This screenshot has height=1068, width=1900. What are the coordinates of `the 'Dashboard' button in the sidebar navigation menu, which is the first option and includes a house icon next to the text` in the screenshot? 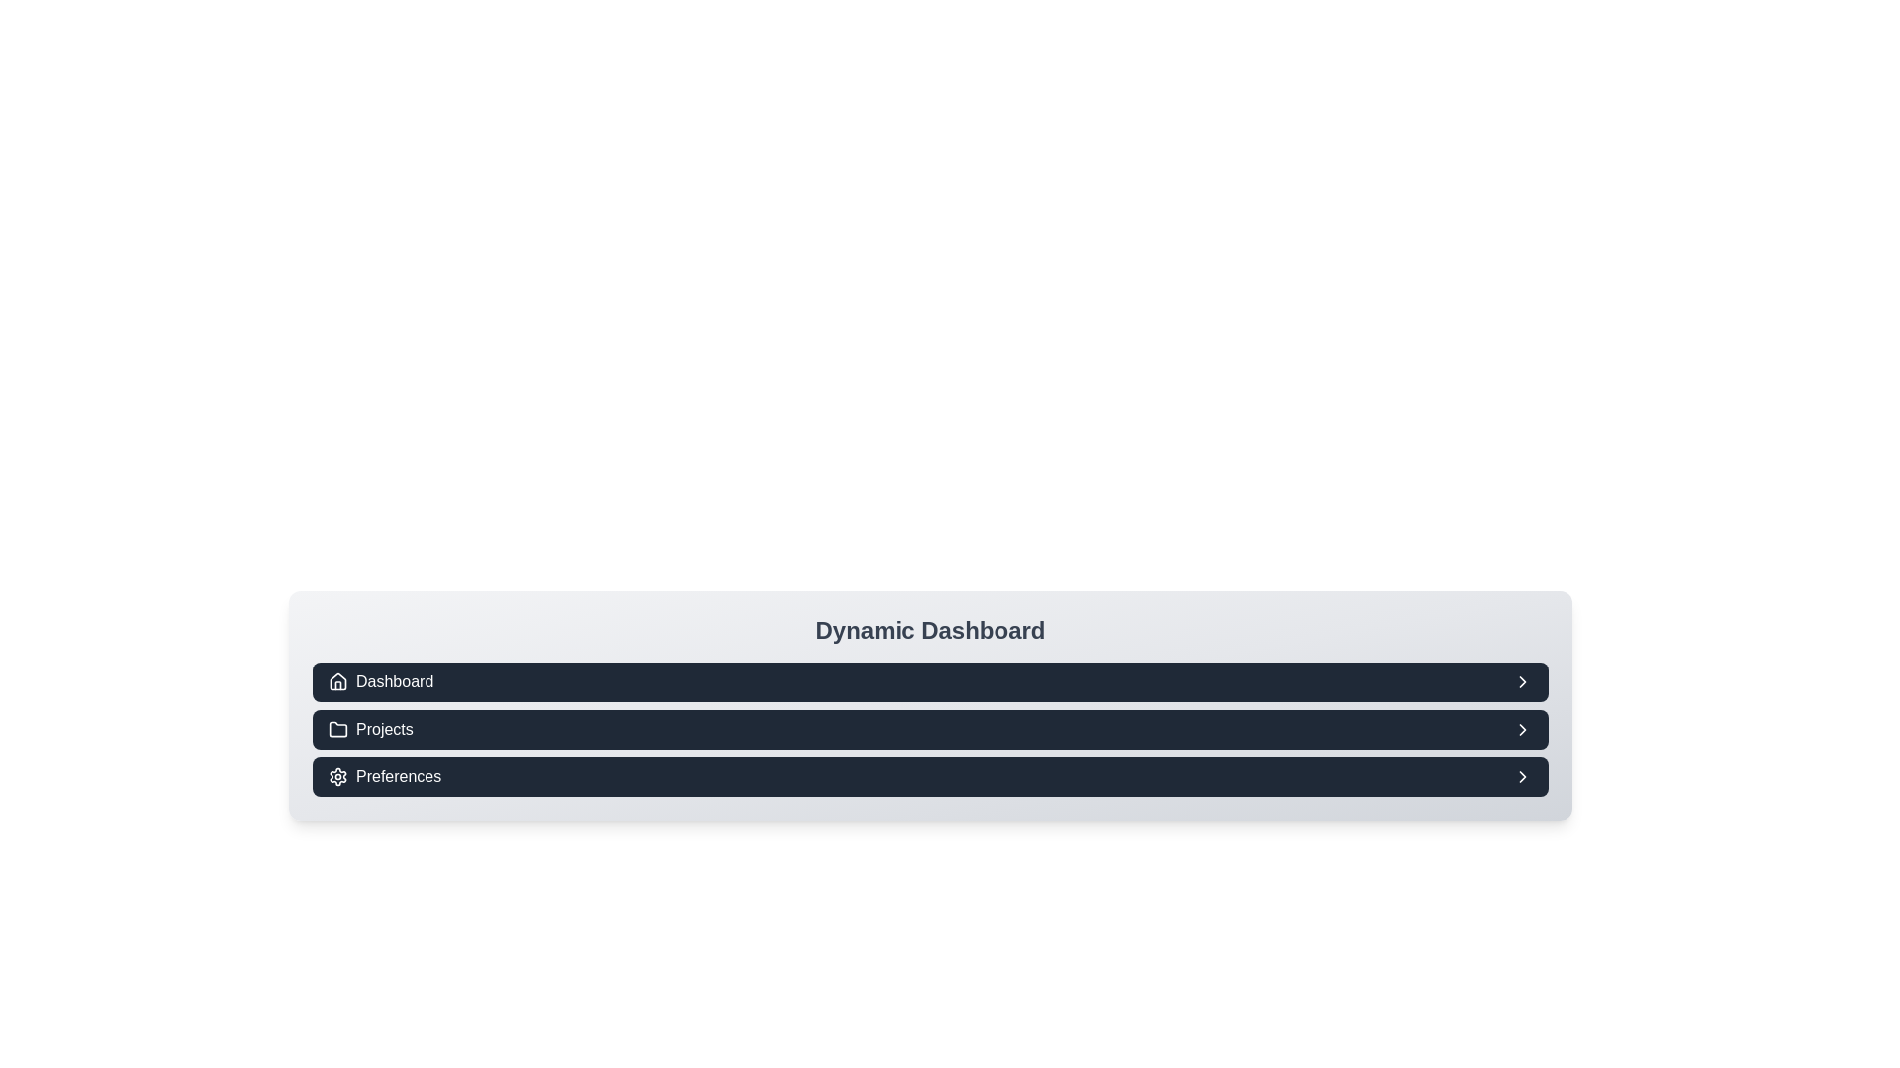 It's located at (381, 681).